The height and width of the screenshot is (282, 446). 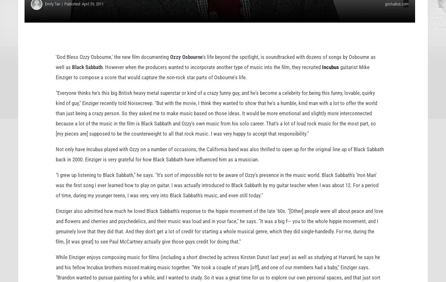 What do you see at coordinates (219, 236) in the screenshot?
I see `'Einziger also admitted how much he loved Black Sabbath's response to the hippie movement of the late '60s. "[Other] people were all about peace and love and flowers and cherries and psychedelics, and their music was loud and in your face," he says. "It was a big f--- you to the whole hippie movement, and I genuinely love that they did that. And they don't get a lot of credit for starting a whole musical genre, which they did single-handedly. For me, during the film, [it was great] to see Paul McCartney actually give those guys credit for doing that."'` at bounding box center [219, 236].